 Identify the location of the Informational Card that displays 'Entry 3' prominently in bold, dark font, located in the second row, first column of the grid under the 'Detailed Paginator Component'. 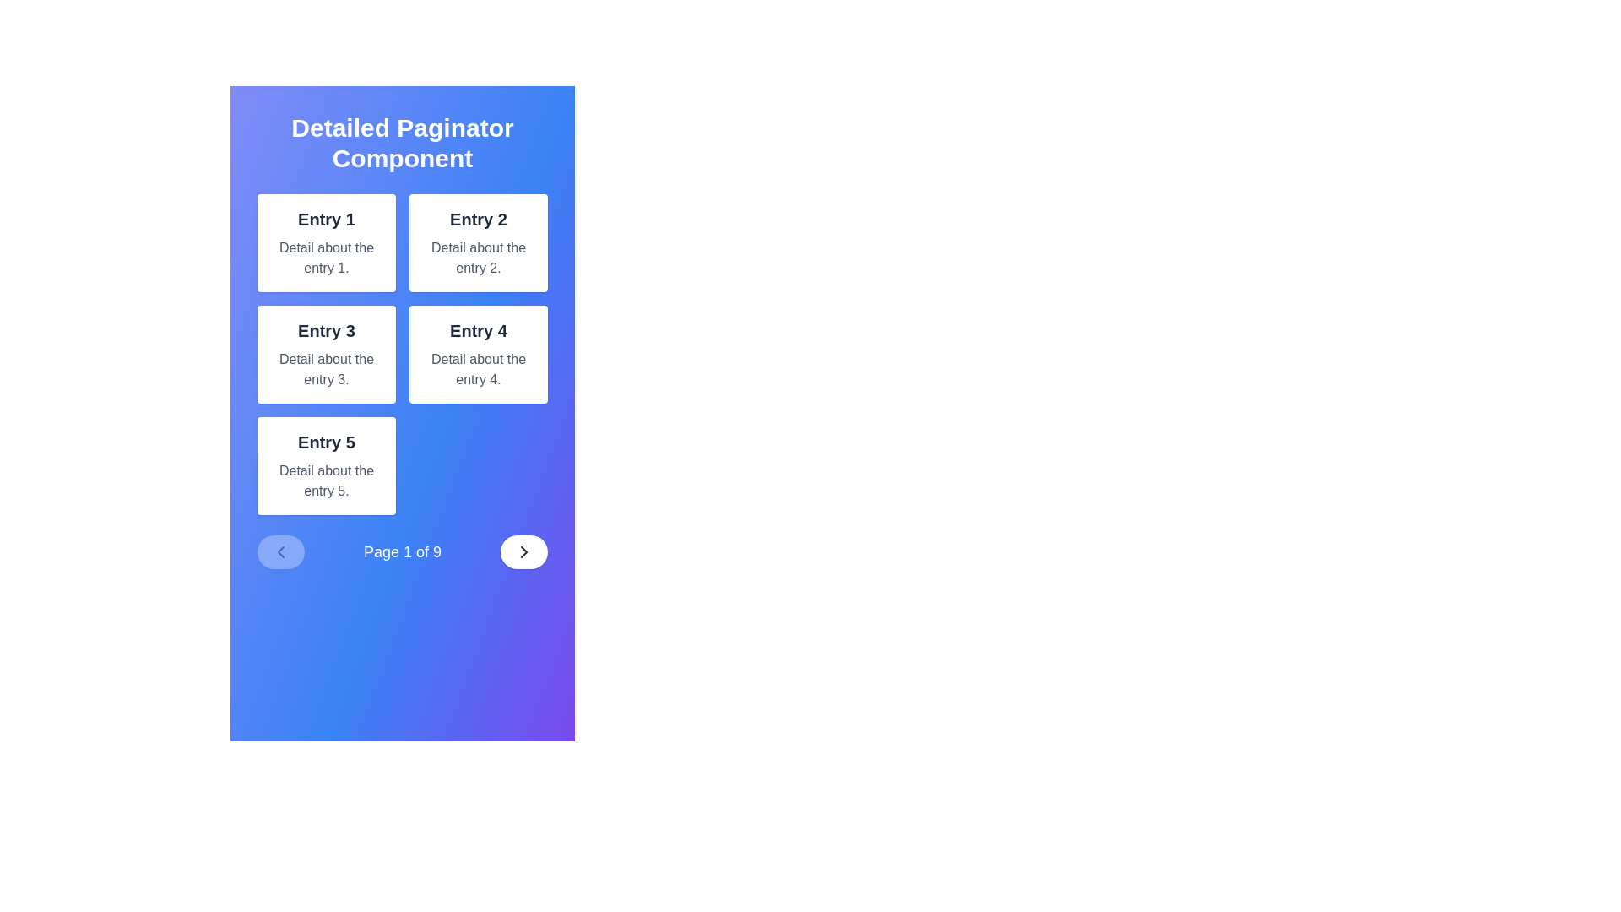
(327, 354).